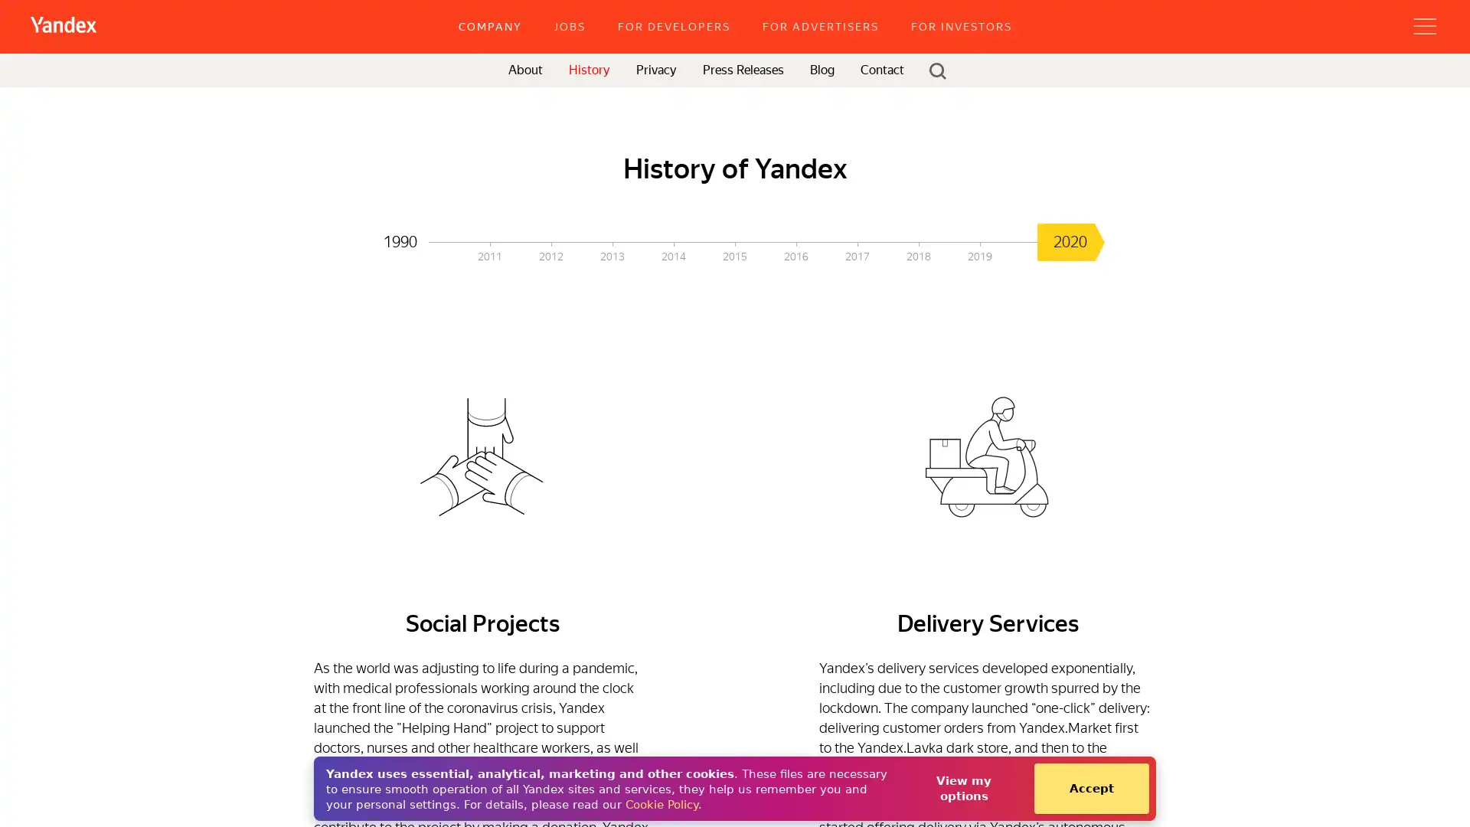 The height and width of the screenshot is (827, 1470). Describe the element at coordinates (962, 788) in the screenshot. I see `View my options` at that location.